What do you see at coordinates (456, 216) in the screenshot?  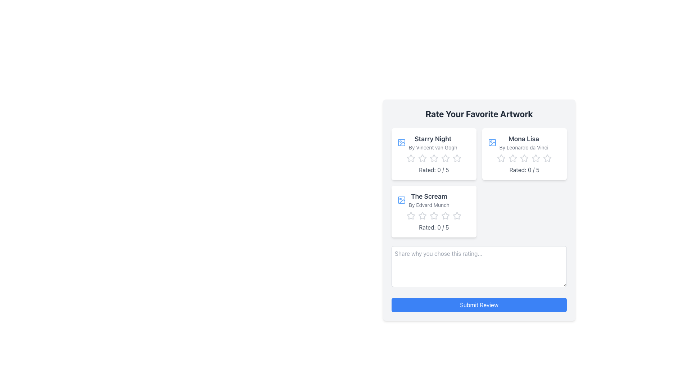 I see `the fifth star in the star rating component` at bounding box center [456, 216].